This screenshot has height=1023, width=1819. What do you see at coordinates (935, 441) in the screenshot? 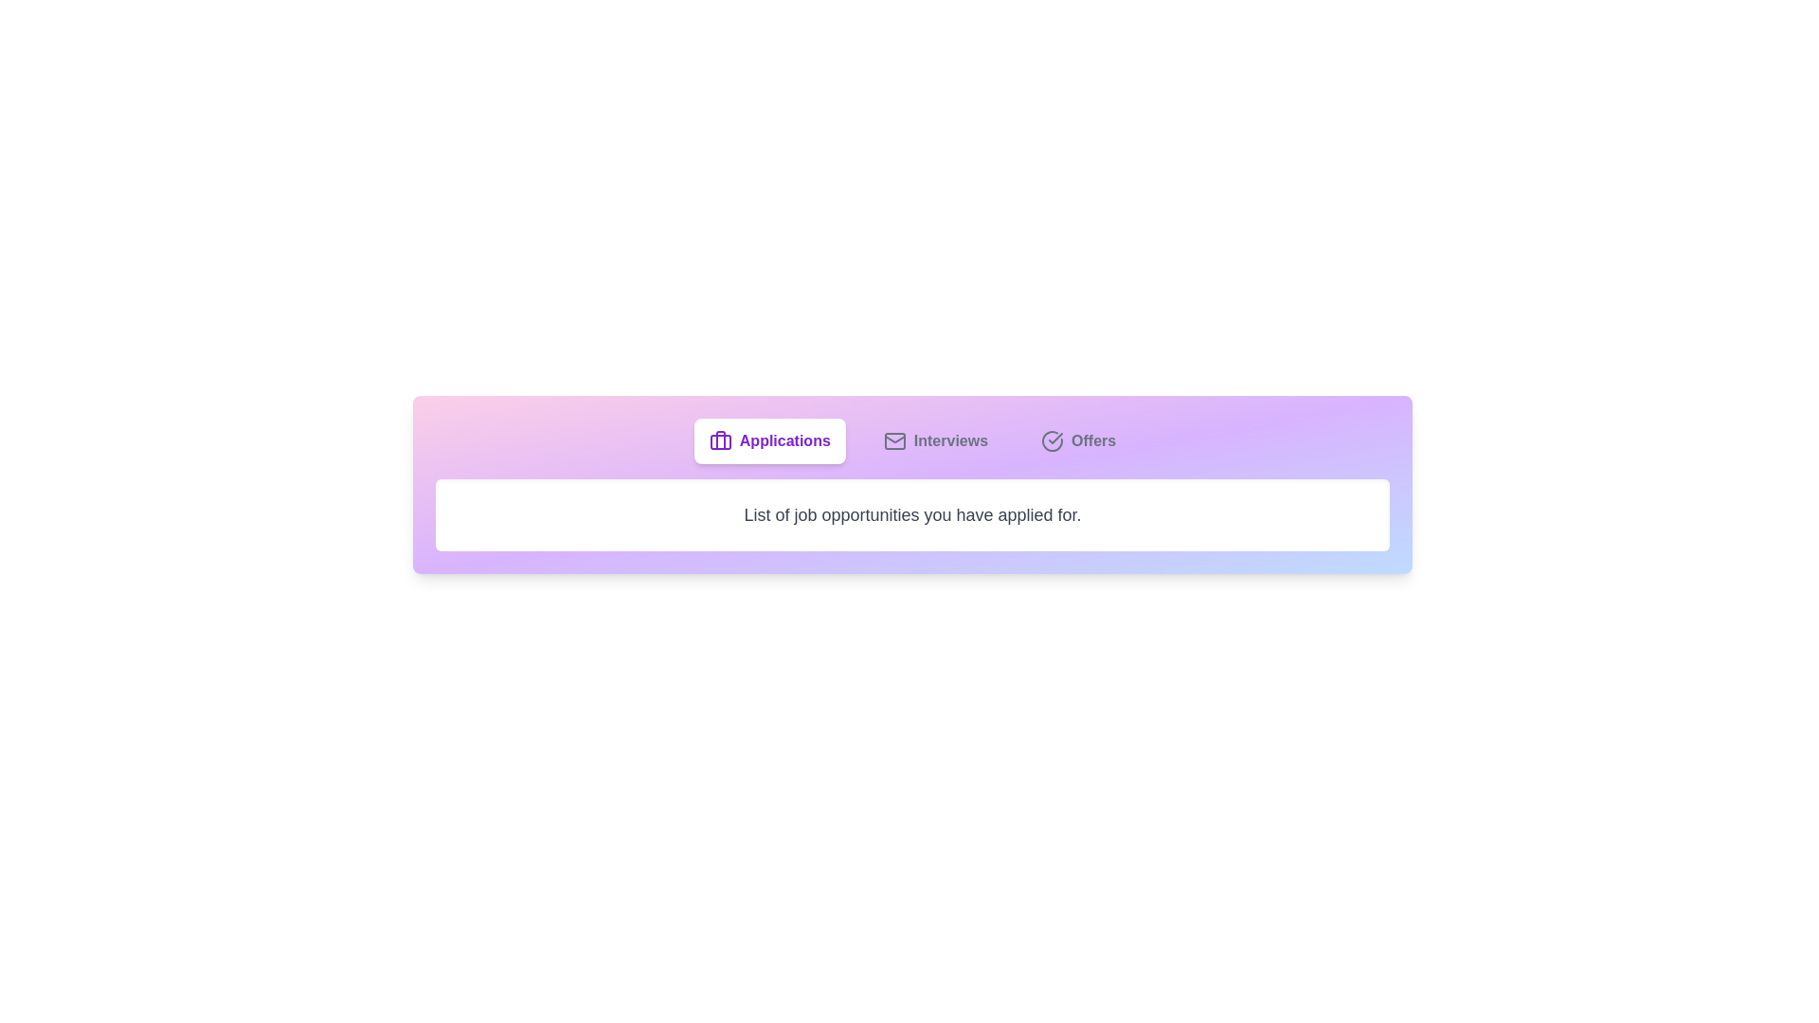
I see `the tab labeled Interviews to switch to its content` at bounding box center [935, 441].